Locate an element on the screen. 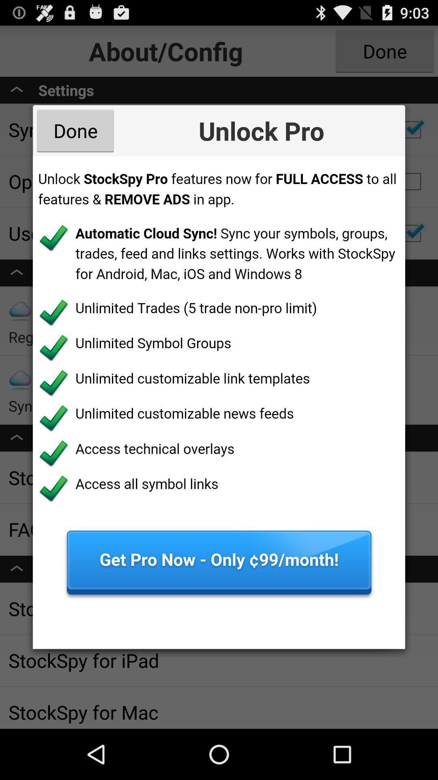 This screenshot has height=780, width=438. file is located at coordinates (219, 403).